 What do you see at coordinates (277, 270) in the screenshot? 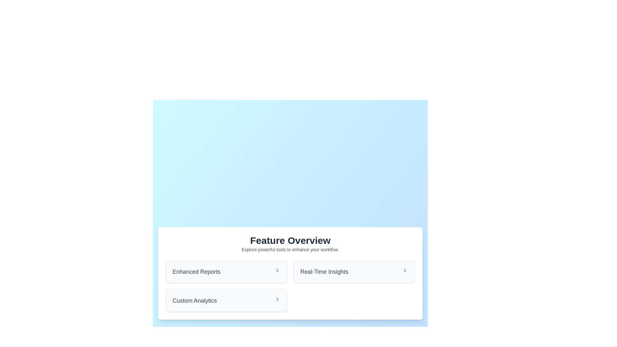
I see `the chevron icon pointing to the right within the 'Enhanced Reports' button in the feature overview section` at bounding box center [277, 270].